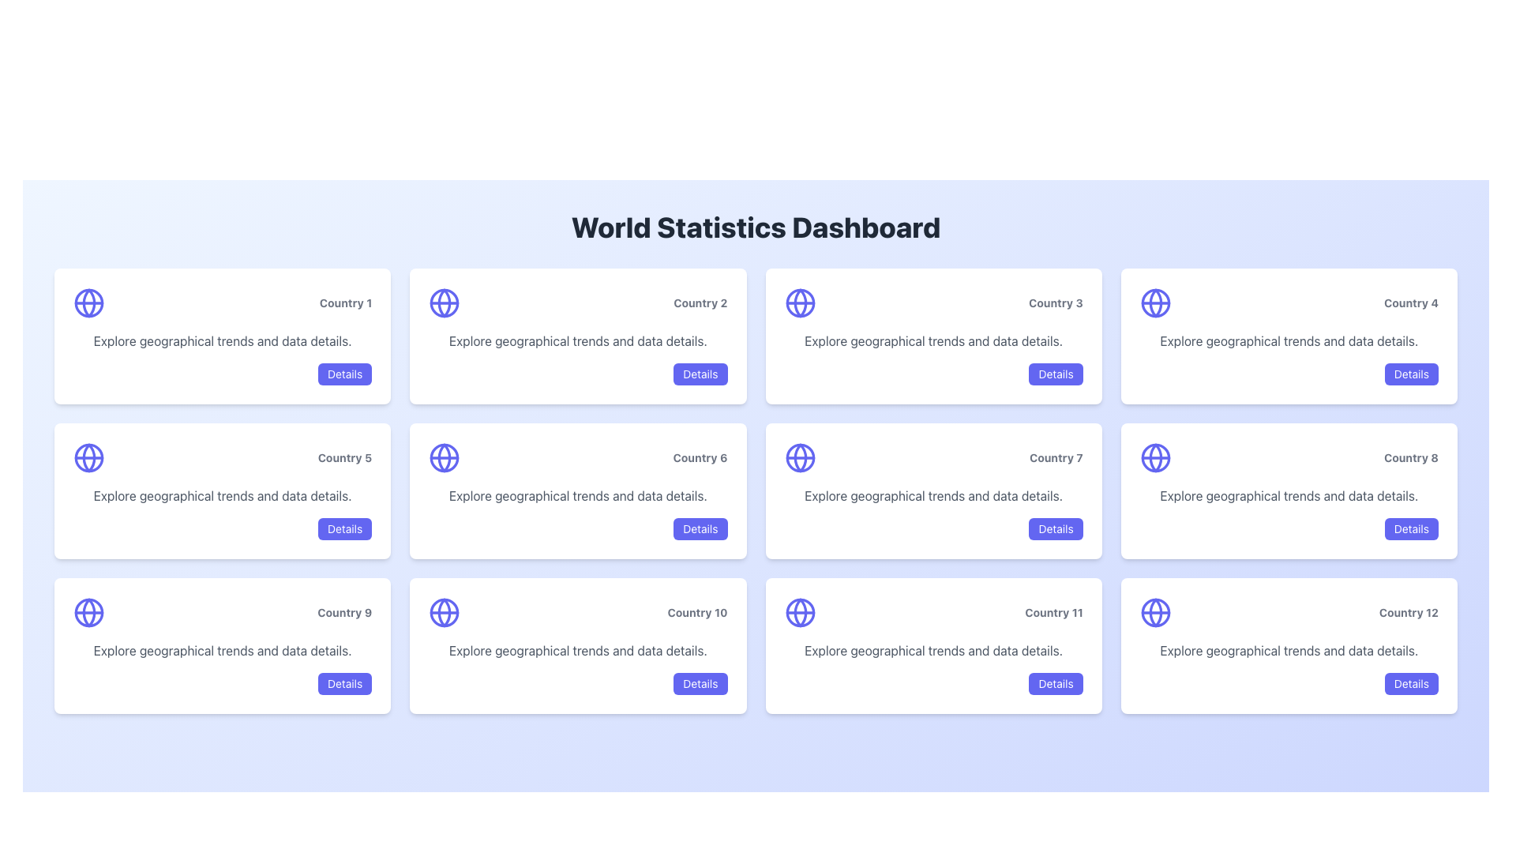  What do you see at coordinates (1411, 529) in the screenshot?
I see `the 'Details' button located at the bottom-right corner of the card for 'Country 8', which has white text on a blue background and a rounded rectangular shape` at bounding box center [1411, 529].